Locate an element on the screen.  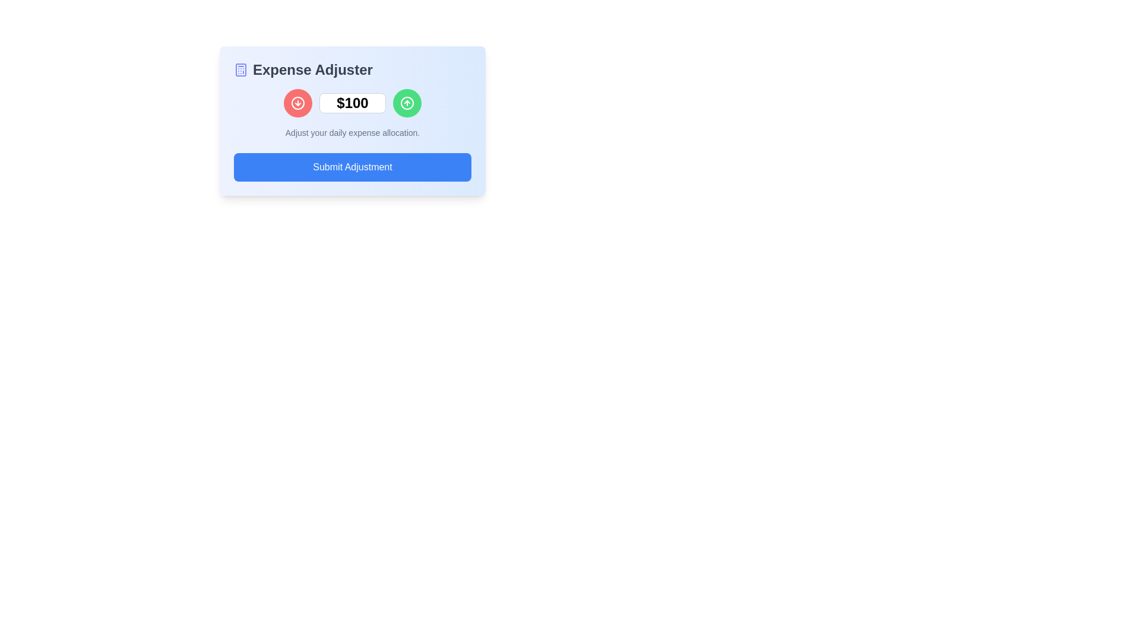
the text element displaying 'Adjust your daily expense allocation.' which is located below the numeric input field and above the blue 'Submit Adjustment' button is located at coordinates (352, 132).